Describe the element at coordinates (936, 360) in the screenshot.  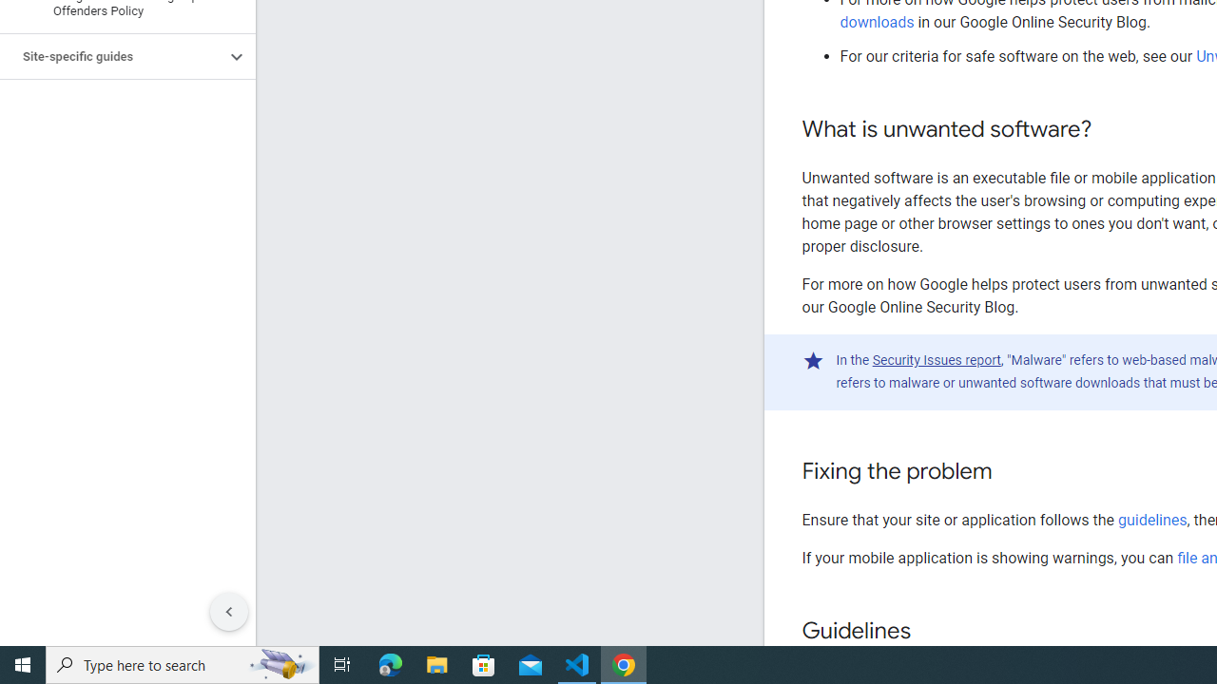
I see `'Security Issues report'` at that location.